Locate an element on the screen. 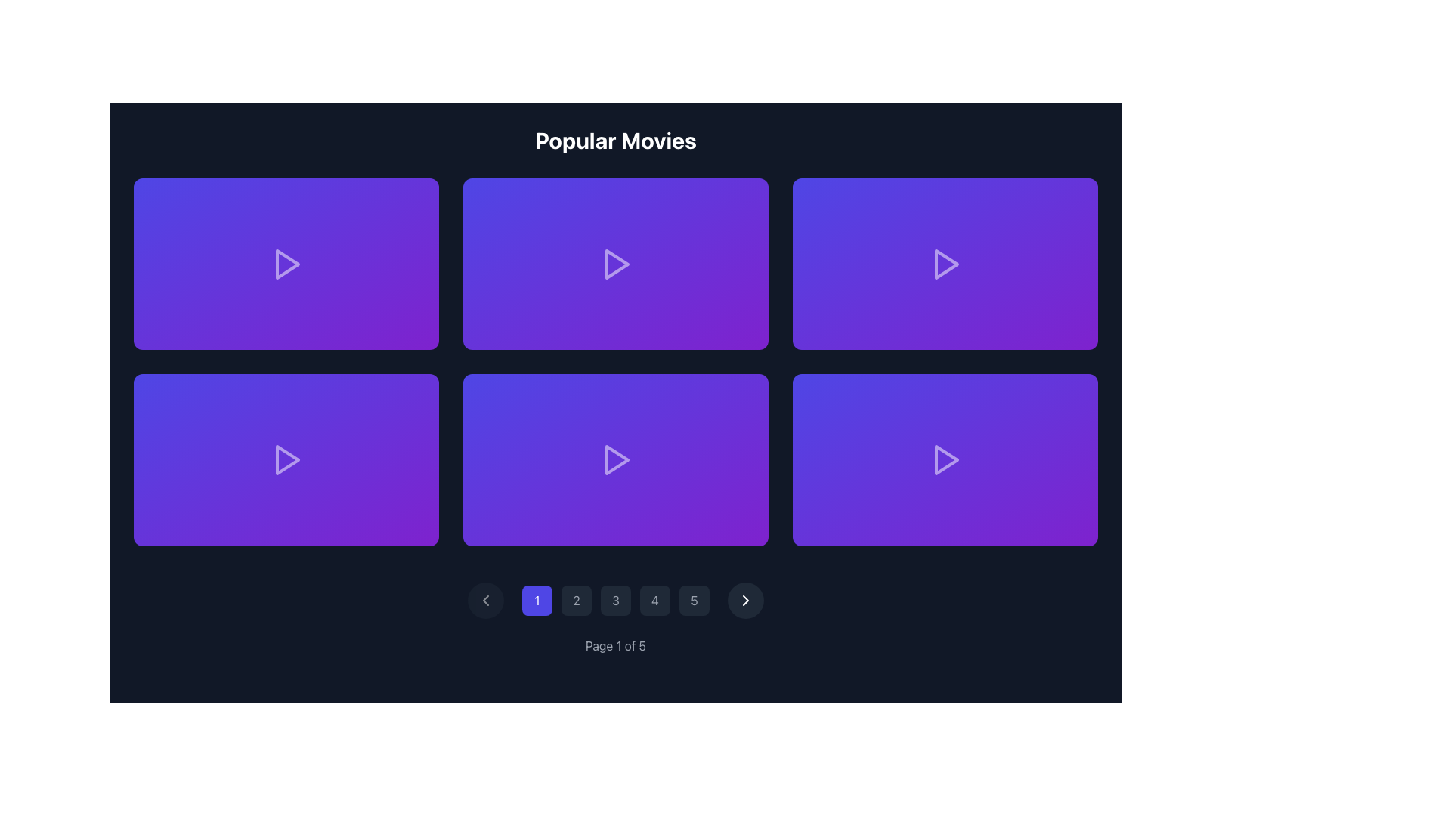  the second movie thumbnail in the first row of the media grid is located at coordinates (616, 262).